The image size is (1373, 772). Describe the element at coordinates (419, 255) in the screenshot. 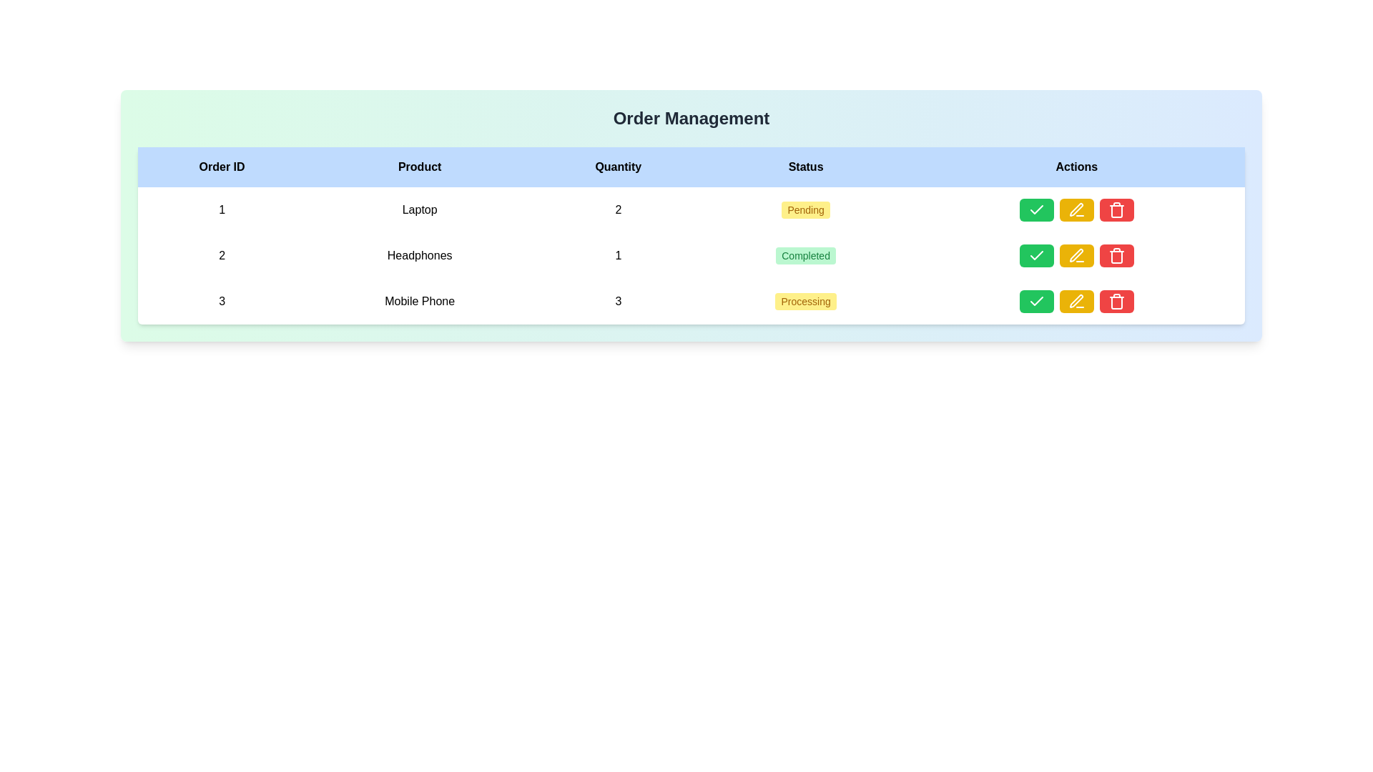

I see `the product name label, which is the second item under the 'Product' column in the order entry table, horizontally centered between the '2' in the 'Order ID' column and the '1' in the 'Quantity' column` at that location.